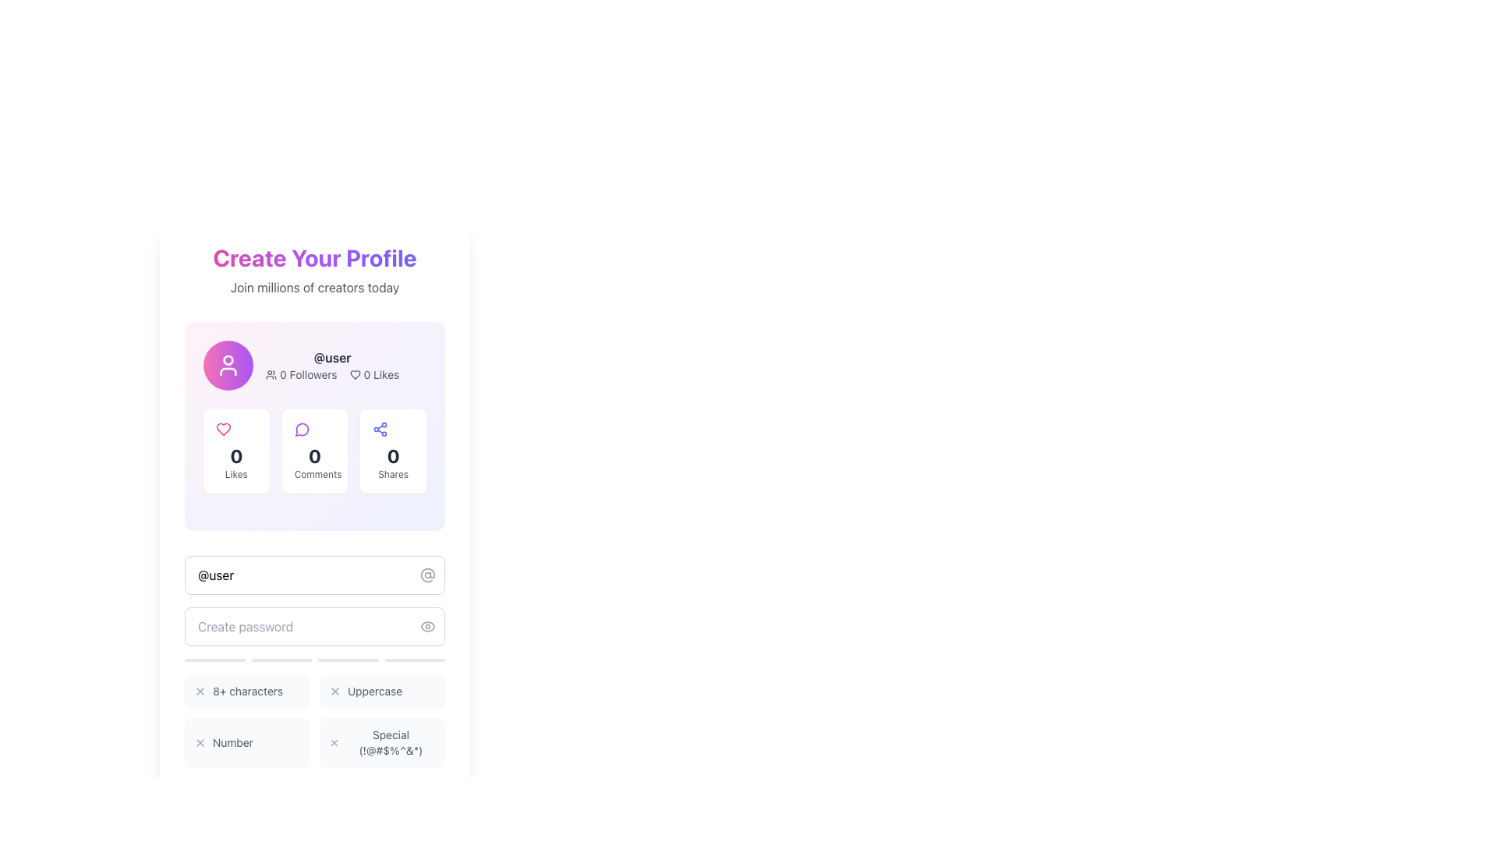 The height and width of the screenshot is (842, 1497). What do you see at coordinates (227, 360) in the screenshot?
I see `the circular user profile icon element, which represents the head of the user illustration, located at the top-center of the icon` at bounding box center [227, 360].